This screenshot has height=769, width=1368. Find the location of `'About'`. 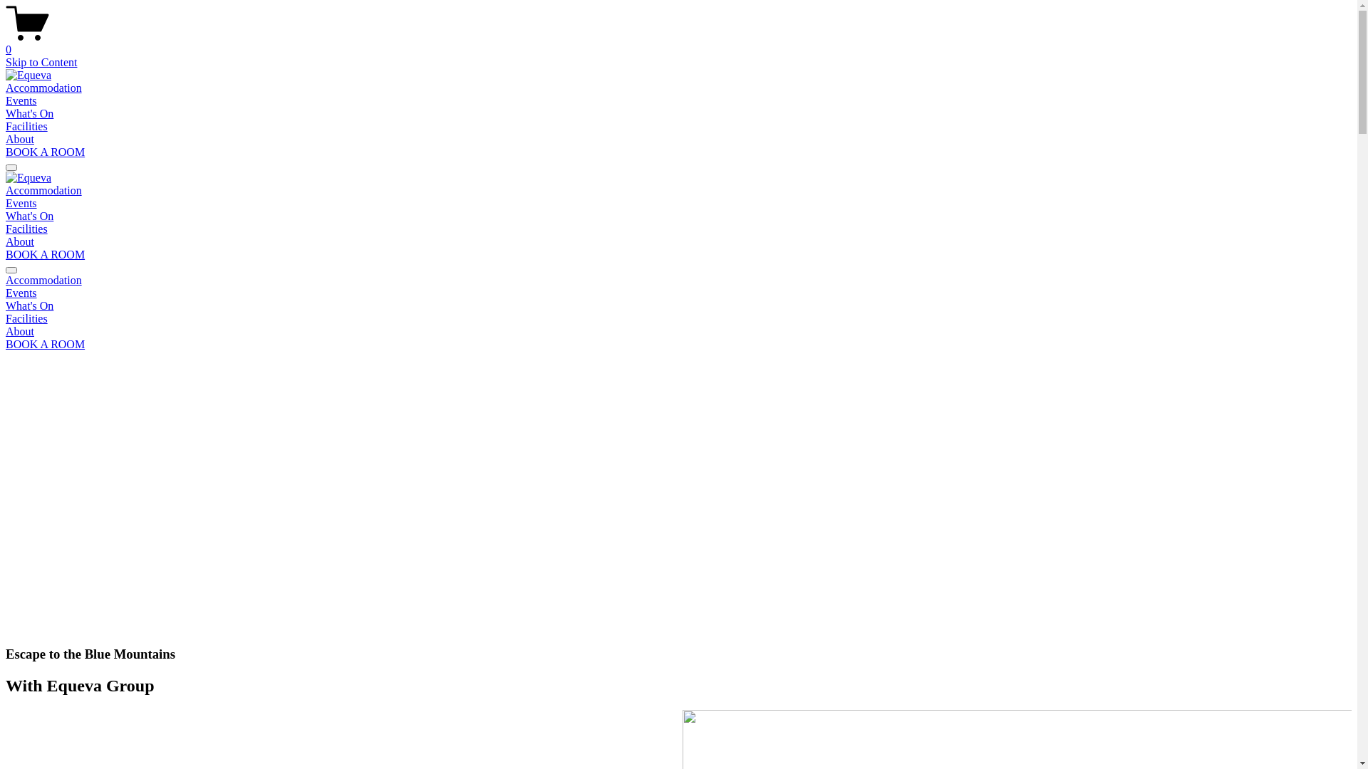

'About' is located at coordinates (20, 139).